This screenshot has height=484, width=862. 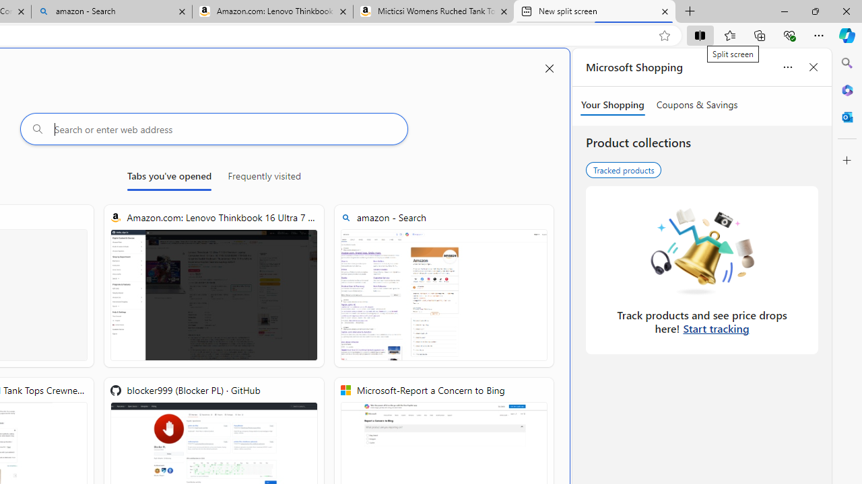 What do you see at coordinates (814, 11) in the screenshot?
I see `'Restore'` at bounding box center [814, 11].